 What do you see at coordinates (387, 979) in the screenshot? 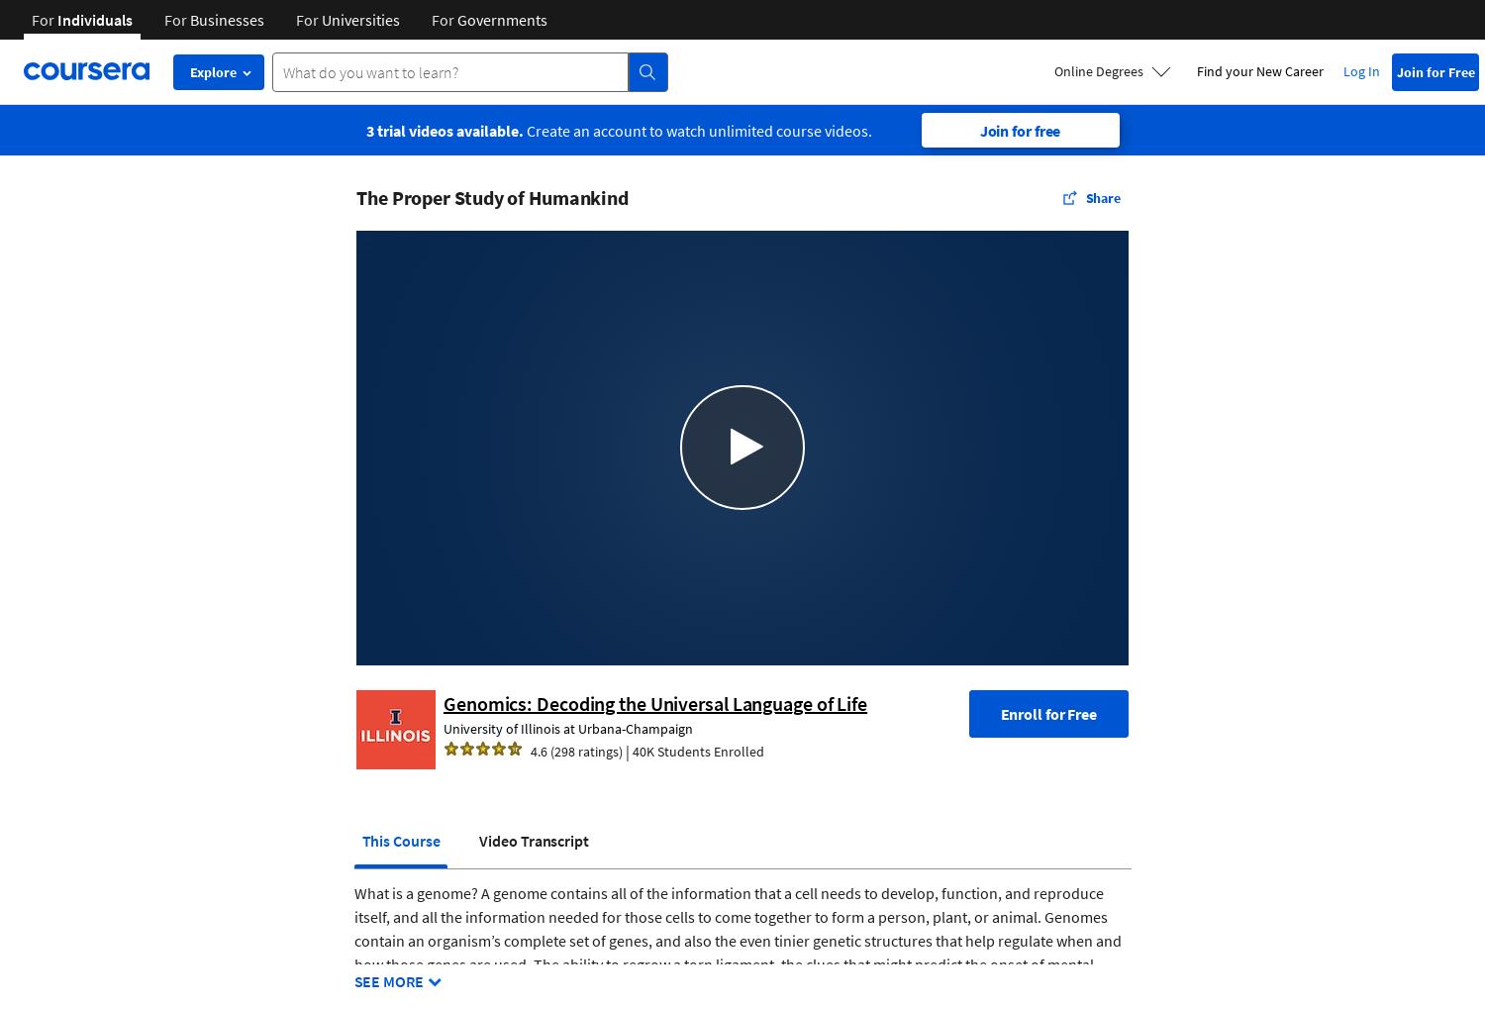
I see `'SEE MORE'` at bounding box center [387, 979].